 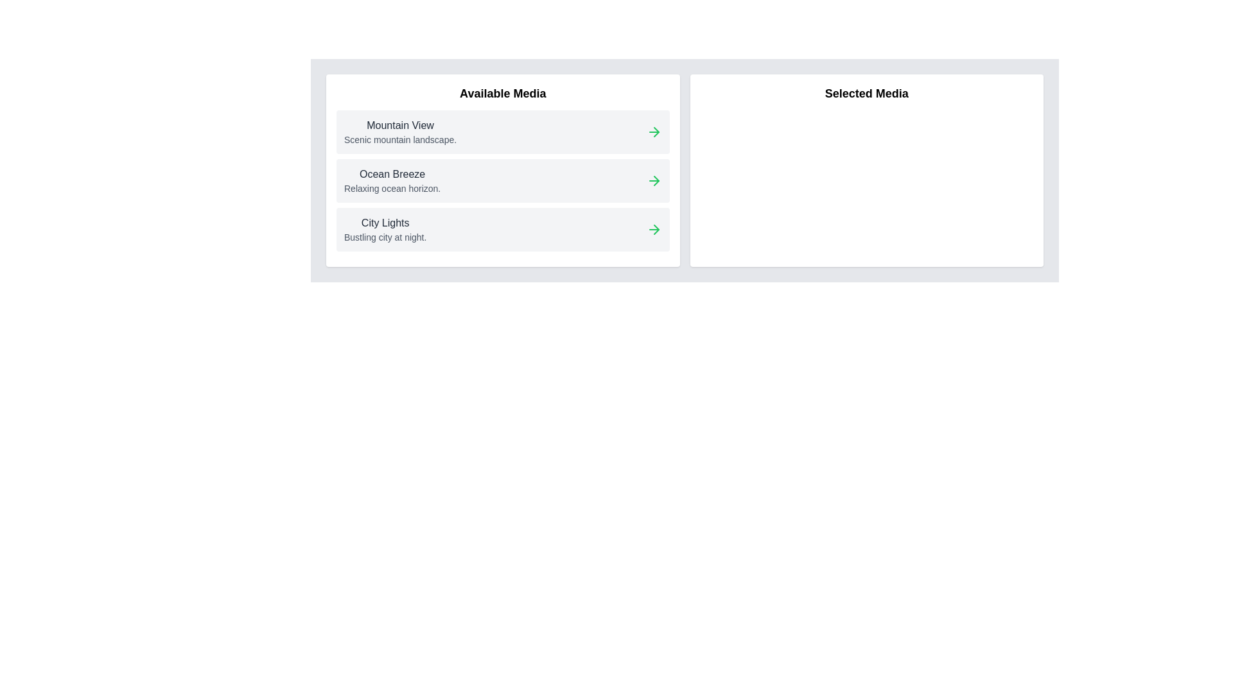 What do you see at coordinates (654, 229) in the screenshot?
I see `green arrow next to the item City Lights to transfer it to the 'Selected Media' section` at bounding box center [654, 229].